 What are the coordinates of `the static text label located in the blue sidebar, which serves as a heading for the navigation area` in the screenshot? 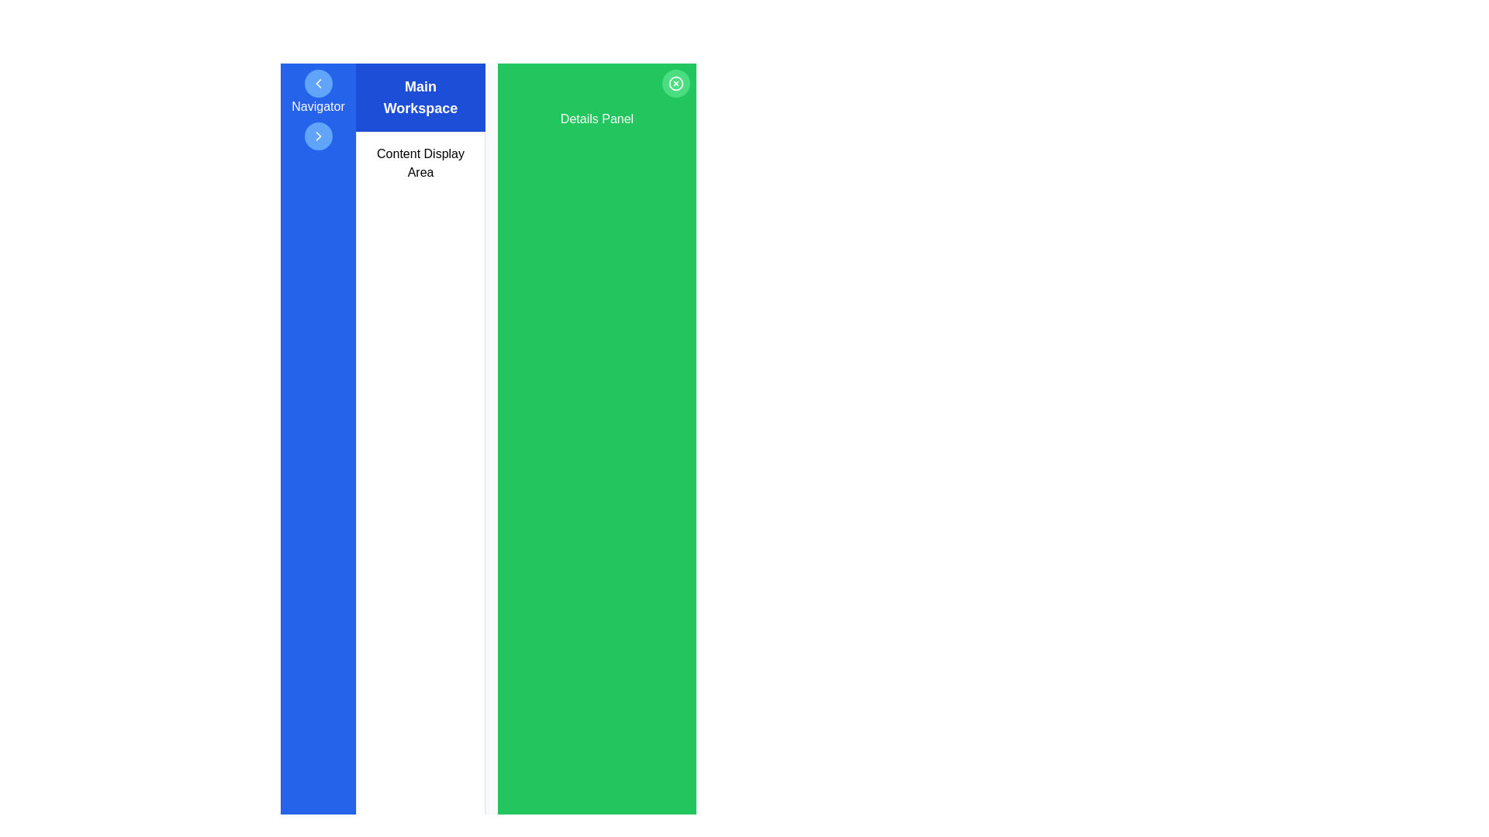 It's located at (317, 106).